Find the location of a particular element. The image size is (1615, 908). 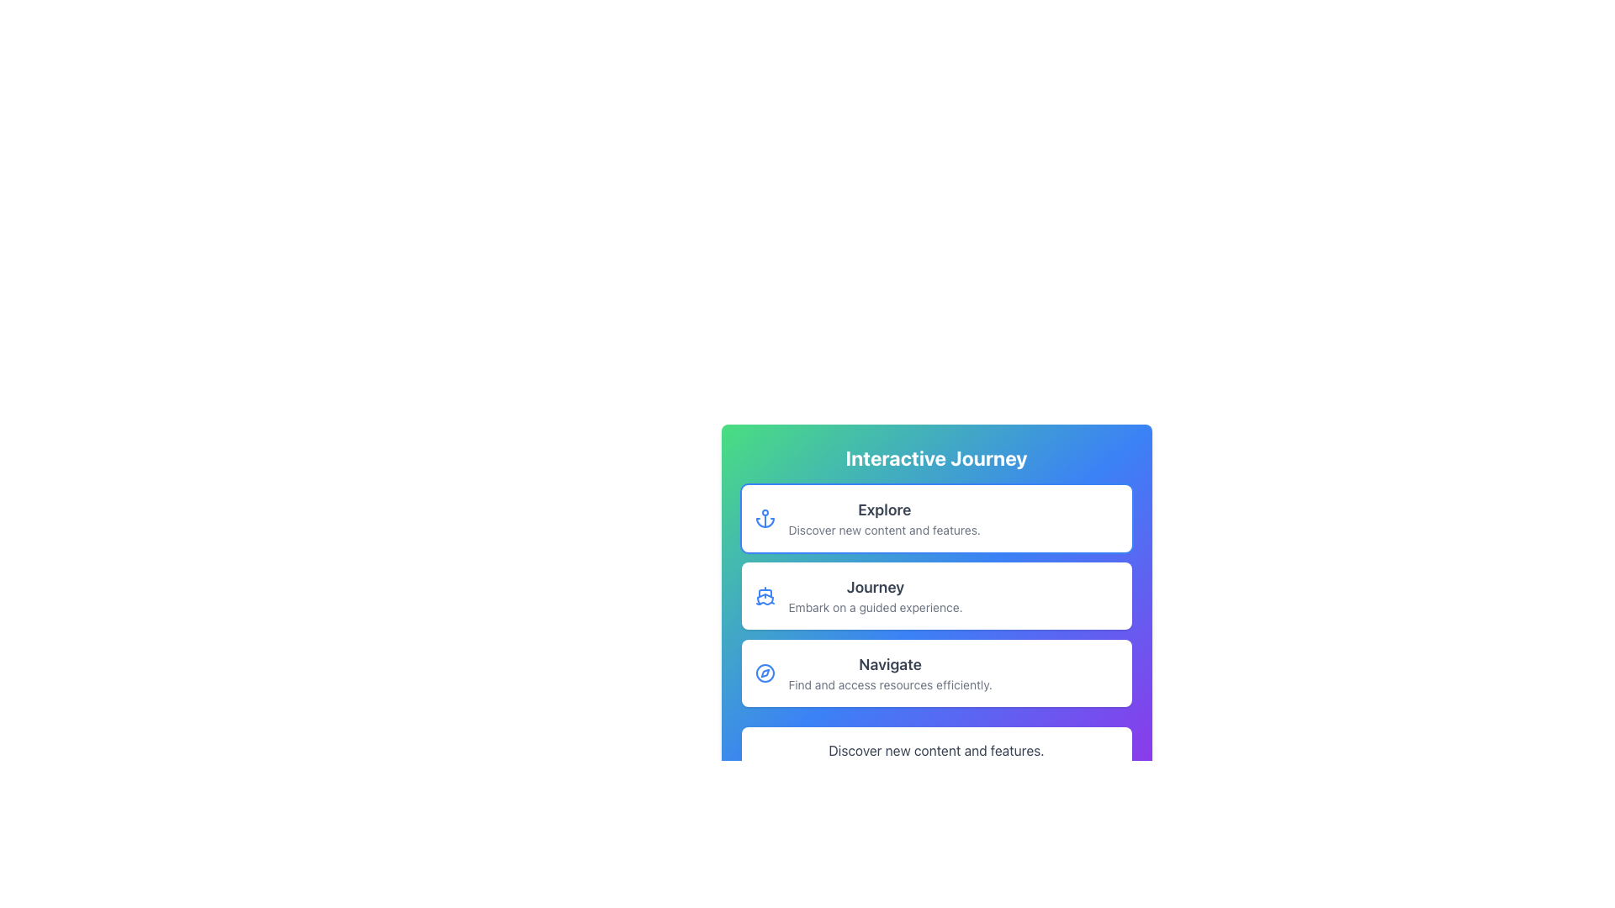

the text label 'Explore' which is prominently displayed in bold dark gray font within the first card below the header 'Interactive Journey' is located at coordinates (883, 509).